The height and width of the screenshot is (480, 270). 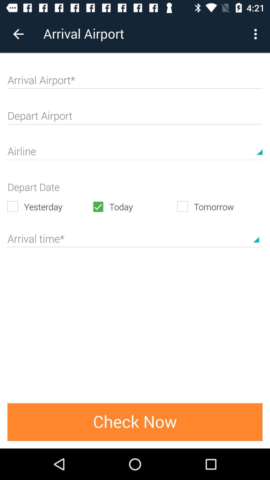 I want to click on item to the right of the arrival airport, so click(x=257, y=34).